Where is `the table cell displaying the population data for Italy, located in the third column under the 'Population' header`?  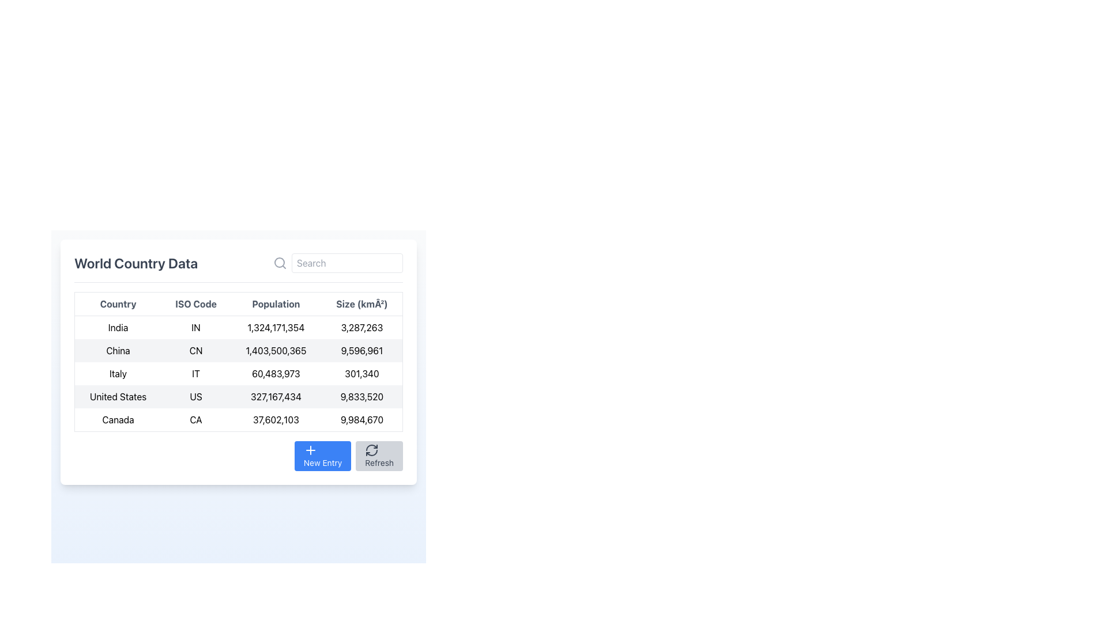
the table cell displaying the population data for Italy, located in the third column under the 'Population' header is located at coordinates (275, 373).